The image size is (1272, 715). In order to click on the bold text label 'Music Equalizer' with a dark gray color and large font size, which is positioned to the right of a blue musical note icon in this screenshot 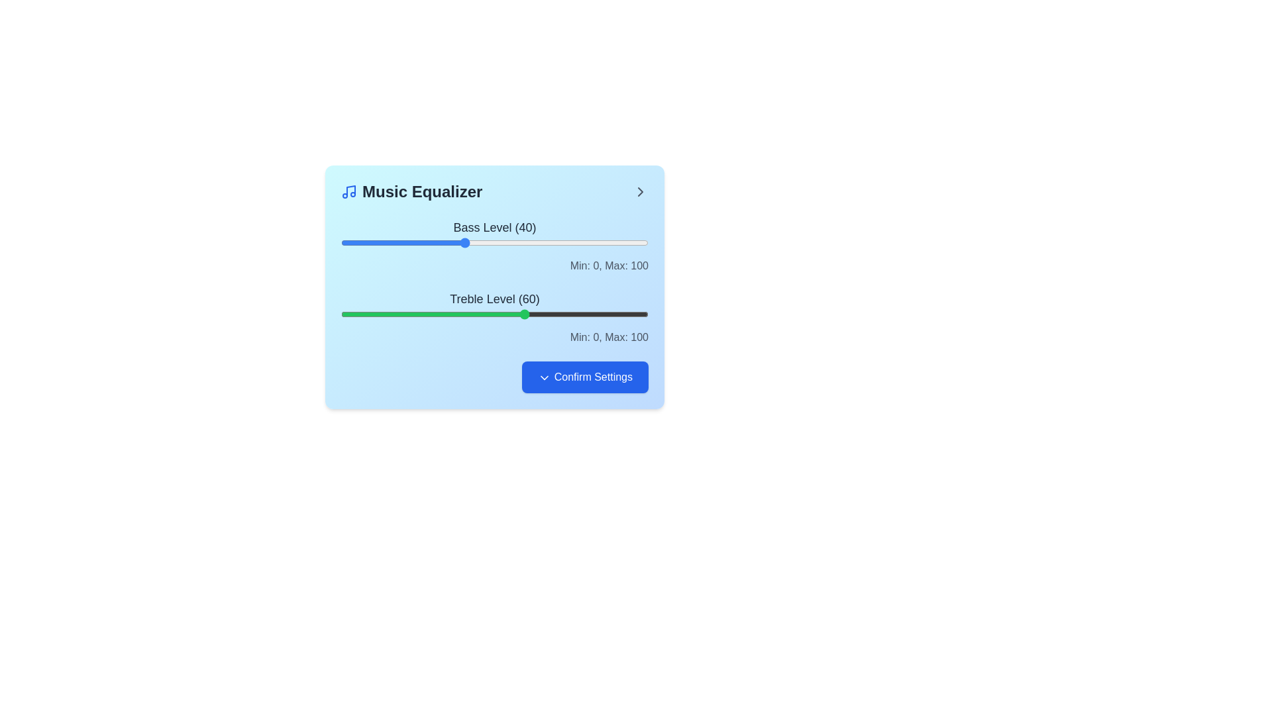, I will do `click(411, 191)`.